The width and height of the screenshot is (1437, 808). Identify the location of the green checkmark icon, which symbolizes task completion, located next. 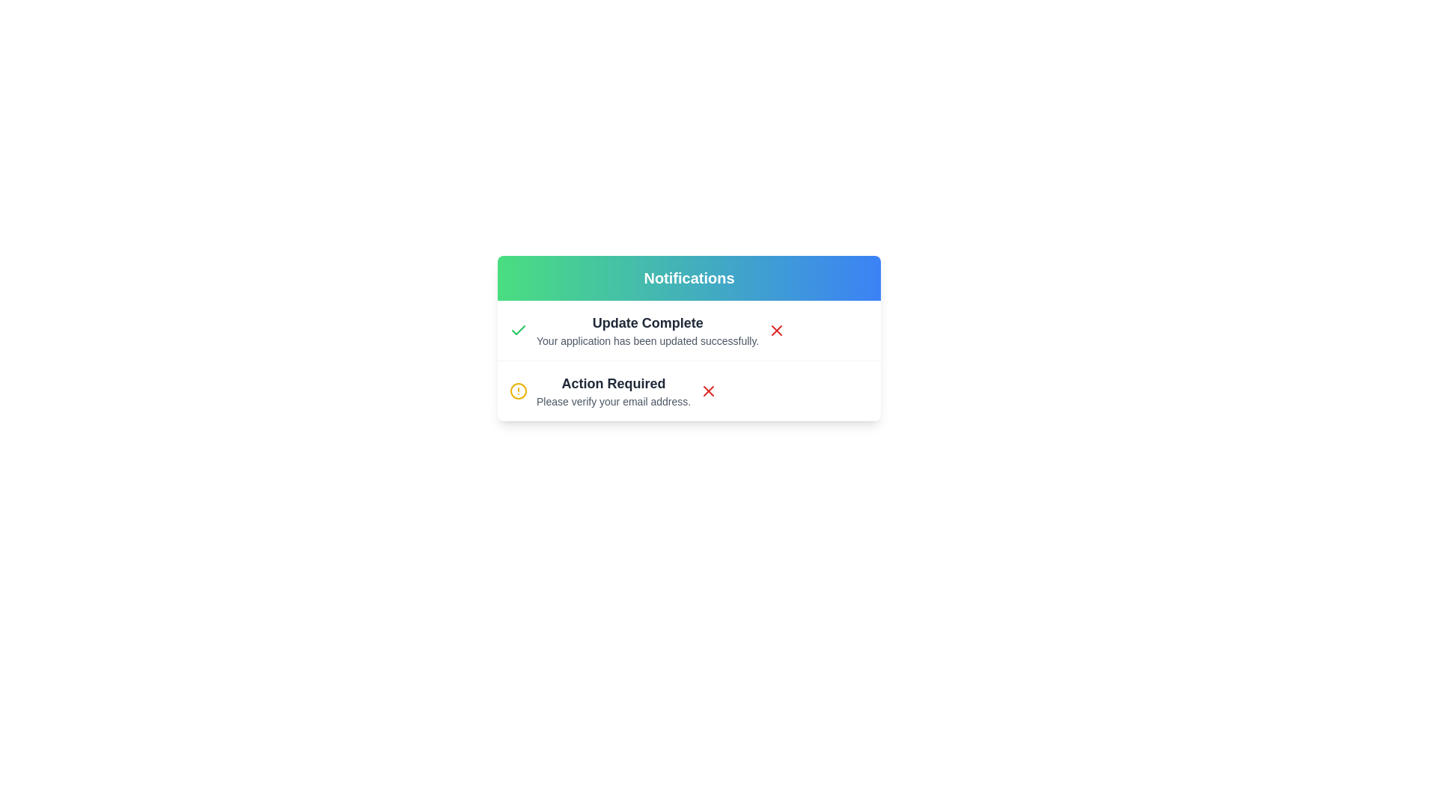
(518, 330).